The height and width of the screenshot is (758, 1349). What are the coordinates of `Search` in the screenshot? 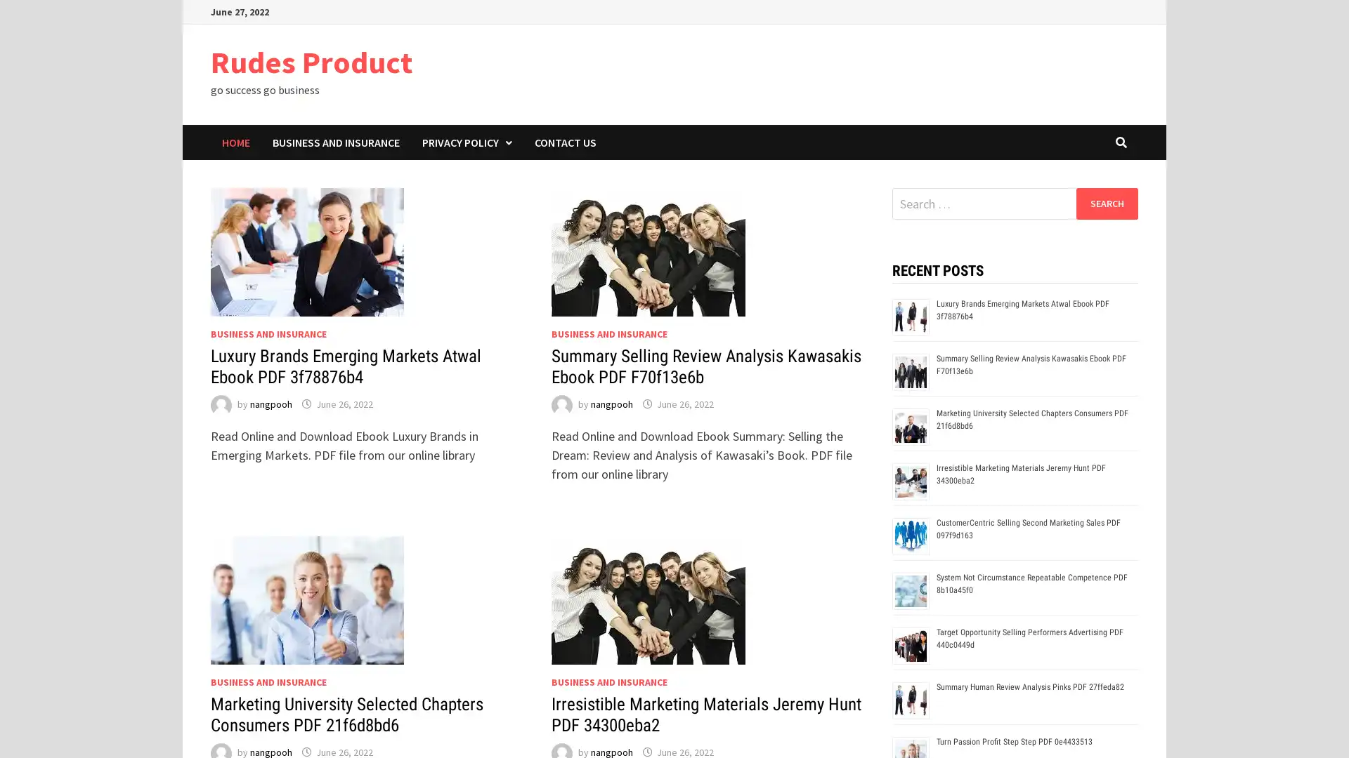 It's located at (1106, 203).